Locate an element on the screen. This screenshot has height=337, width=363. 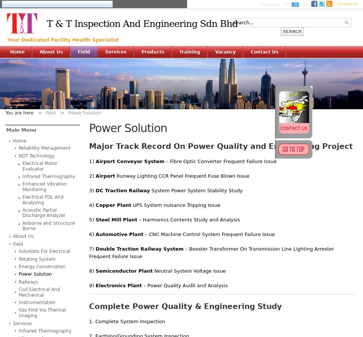
'System Power System Stability Study' is located at coordinates (196, 190).